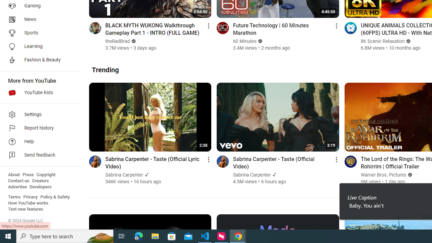 This screenshot has width=432, height=243. What do you see at coordinates (105, 70) in the screenshot?
I see `'Trending'` at bounding box center [105, 70].